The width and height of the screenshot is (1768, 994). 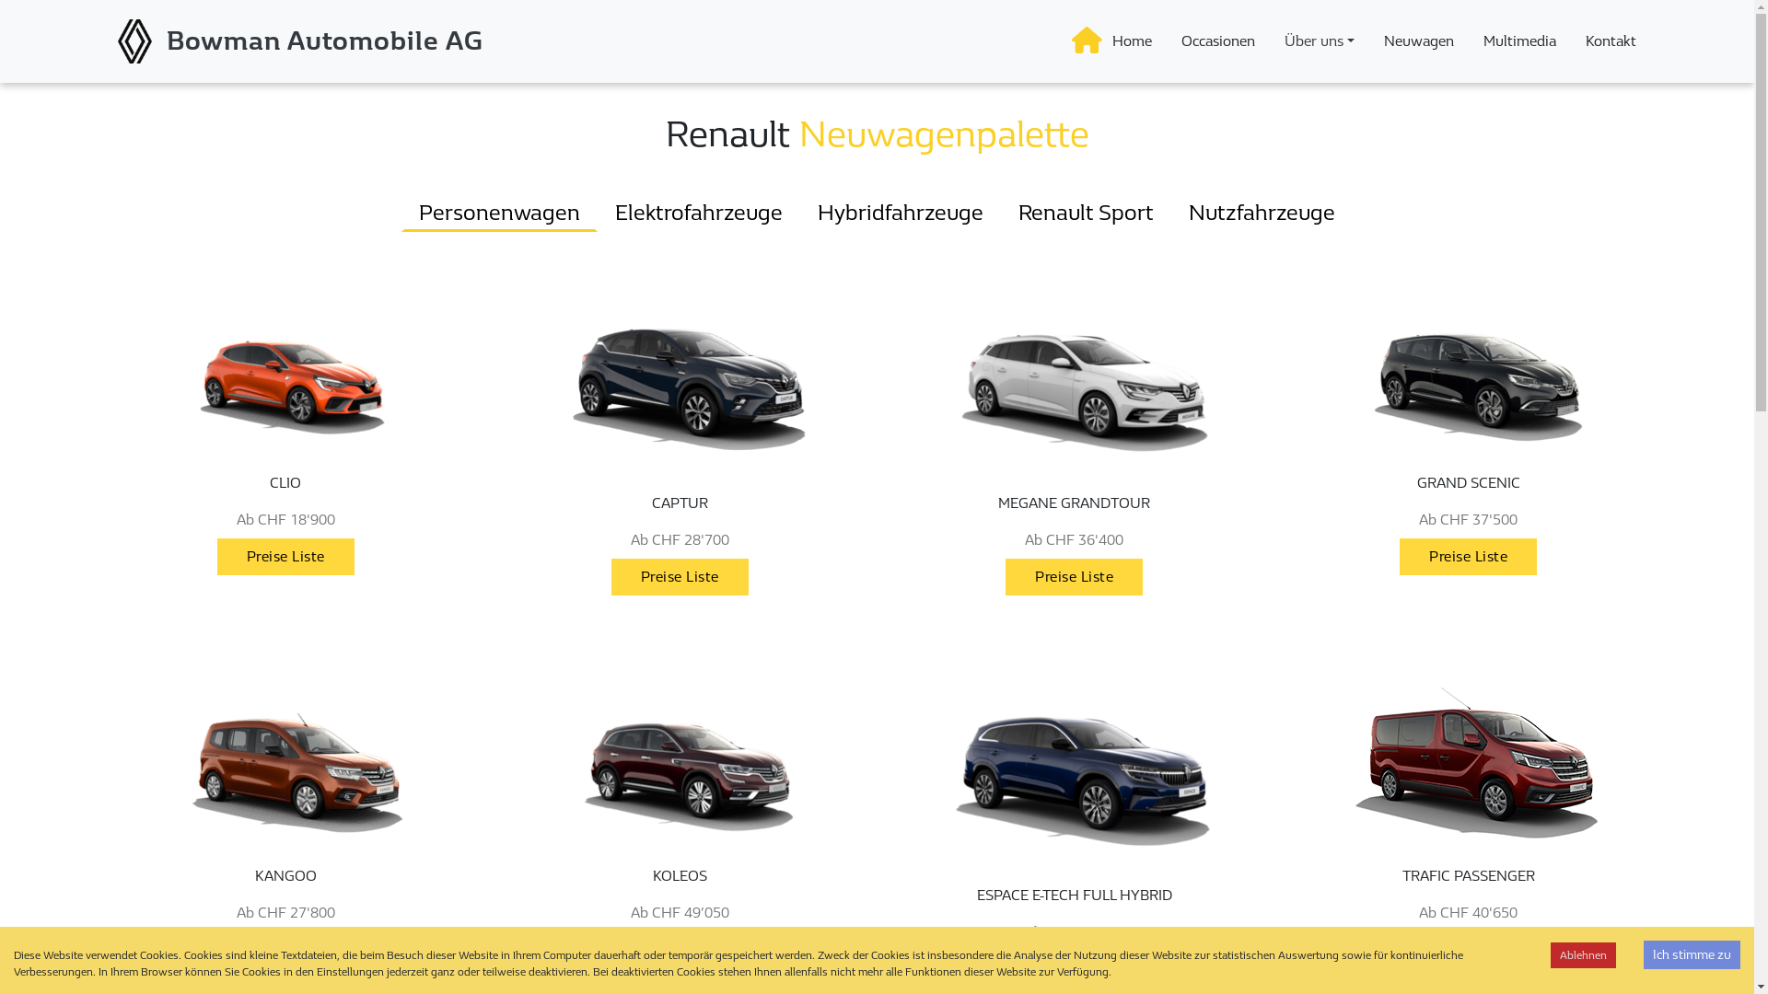 I want to click on 'Preise Liste', so click(x=679, y=575).